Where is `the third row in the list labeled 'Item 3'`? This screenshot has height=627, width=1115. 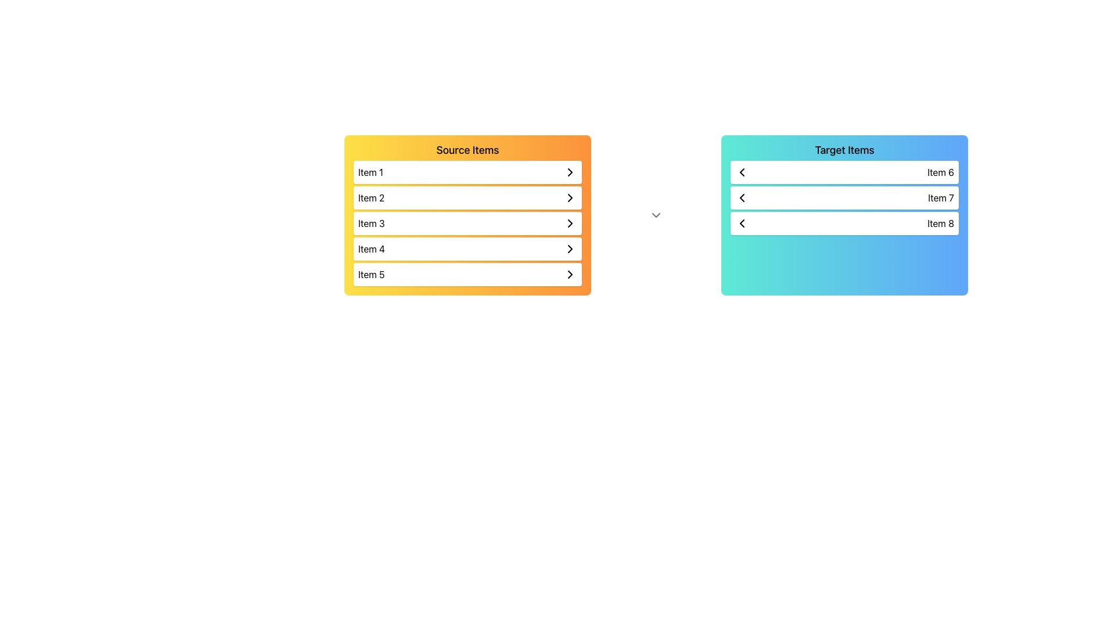
the third row in the list labeled 'Item 3' is located at coordinates (467, 224).